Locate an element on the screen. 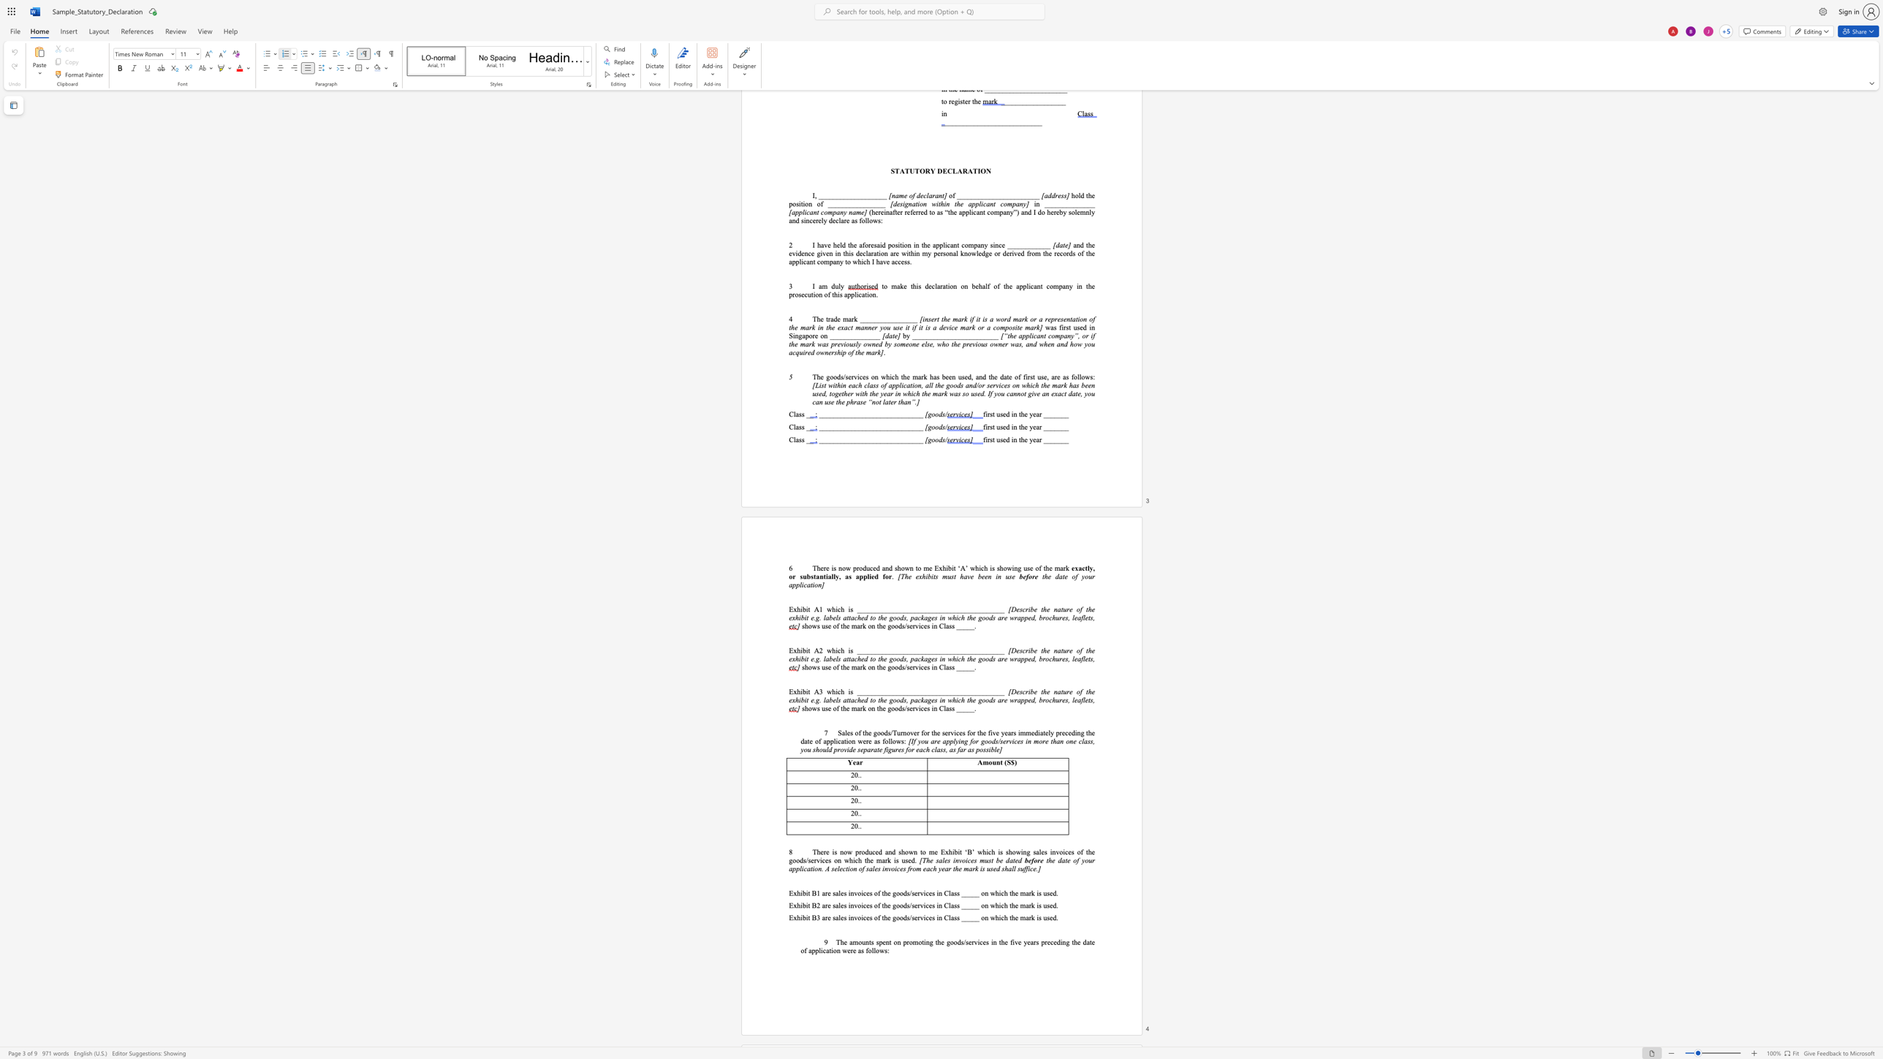 This screenshot has width=1883, height=1059. the 1th character "(" in the text is located at coordinates (1005, 762).